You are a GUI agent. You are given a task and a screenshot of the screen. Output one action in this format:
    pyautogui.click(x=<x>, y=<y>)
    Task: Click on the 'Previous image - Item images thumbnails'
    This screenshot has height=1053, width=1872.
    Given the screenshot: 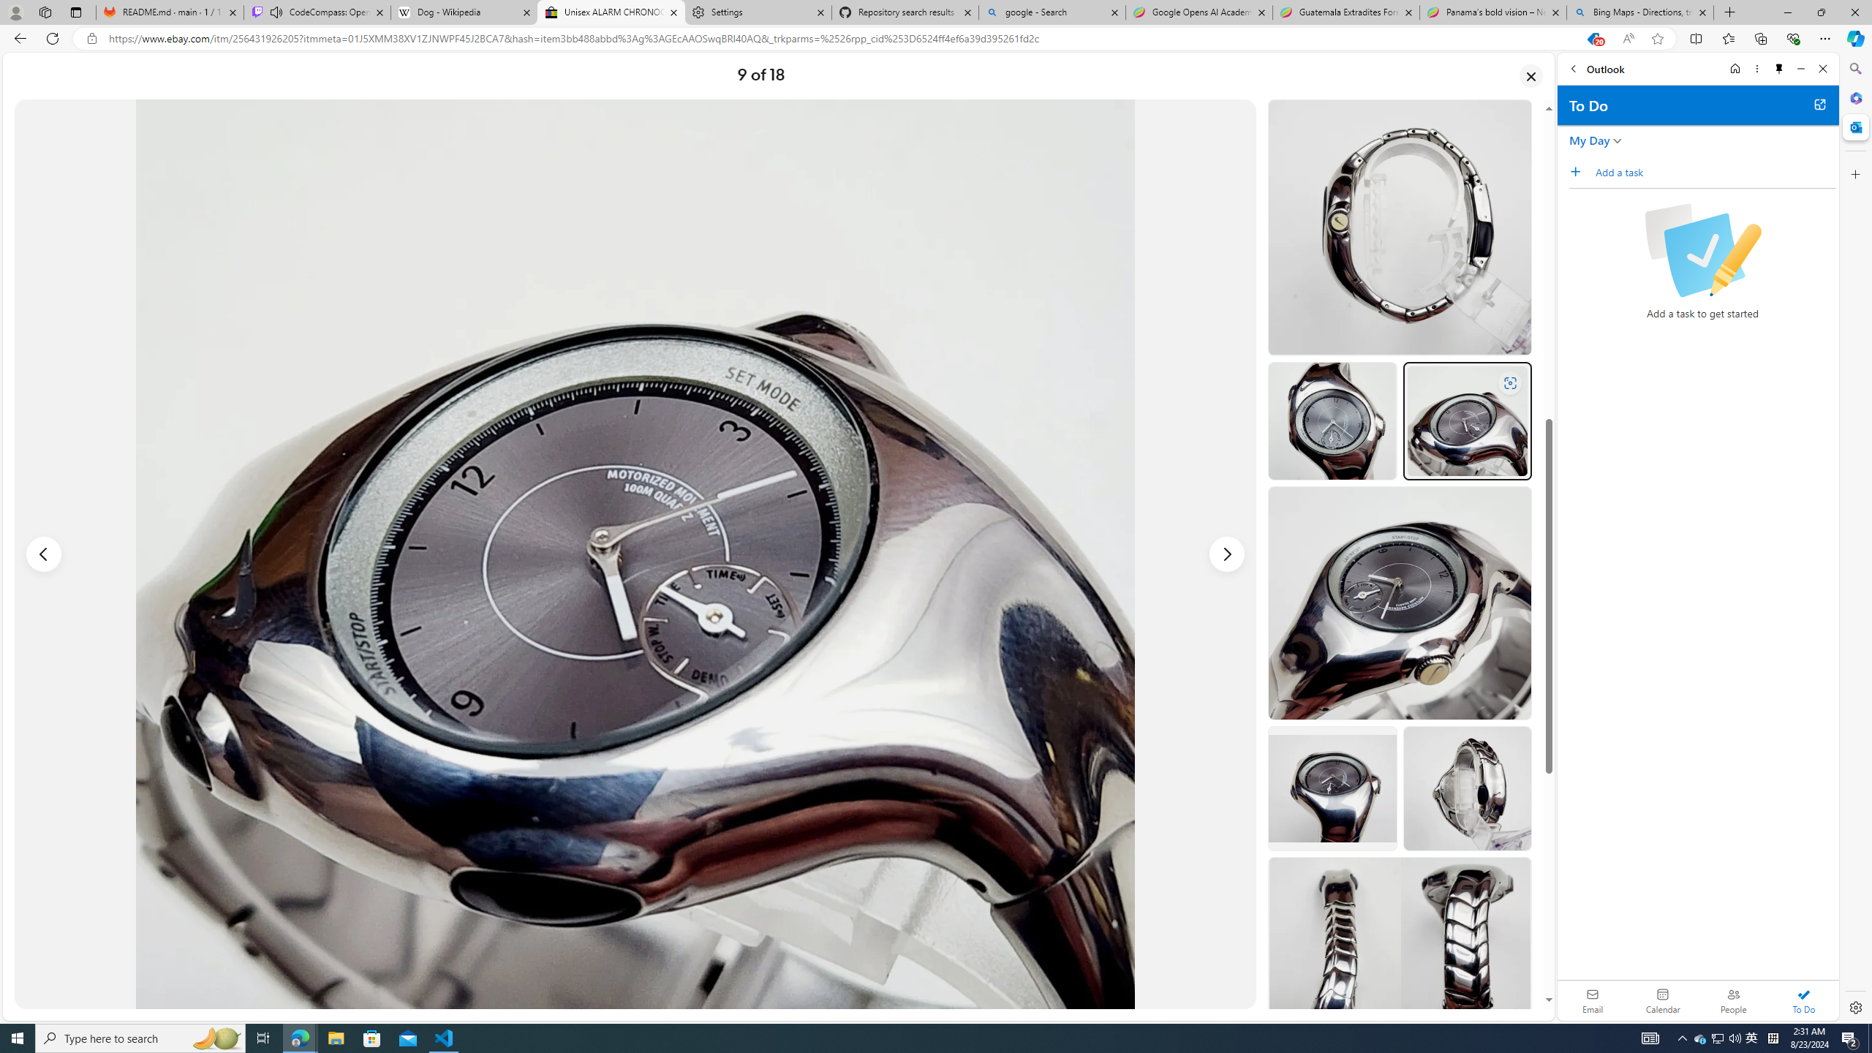 What is the action you would take?
    pyautogui.click(x=44, y=554)
    